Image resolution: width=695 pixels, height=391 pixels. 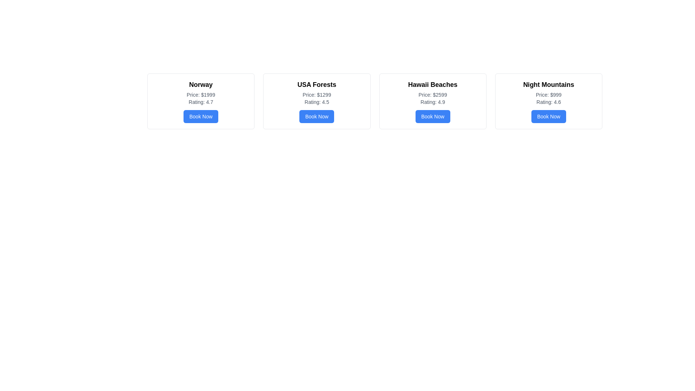 I want to click on the text label that reads 'Rating: 4.9', which is styled in gray and located on the white card about 'Hawaii Beaches', so click(x=433, y=102).